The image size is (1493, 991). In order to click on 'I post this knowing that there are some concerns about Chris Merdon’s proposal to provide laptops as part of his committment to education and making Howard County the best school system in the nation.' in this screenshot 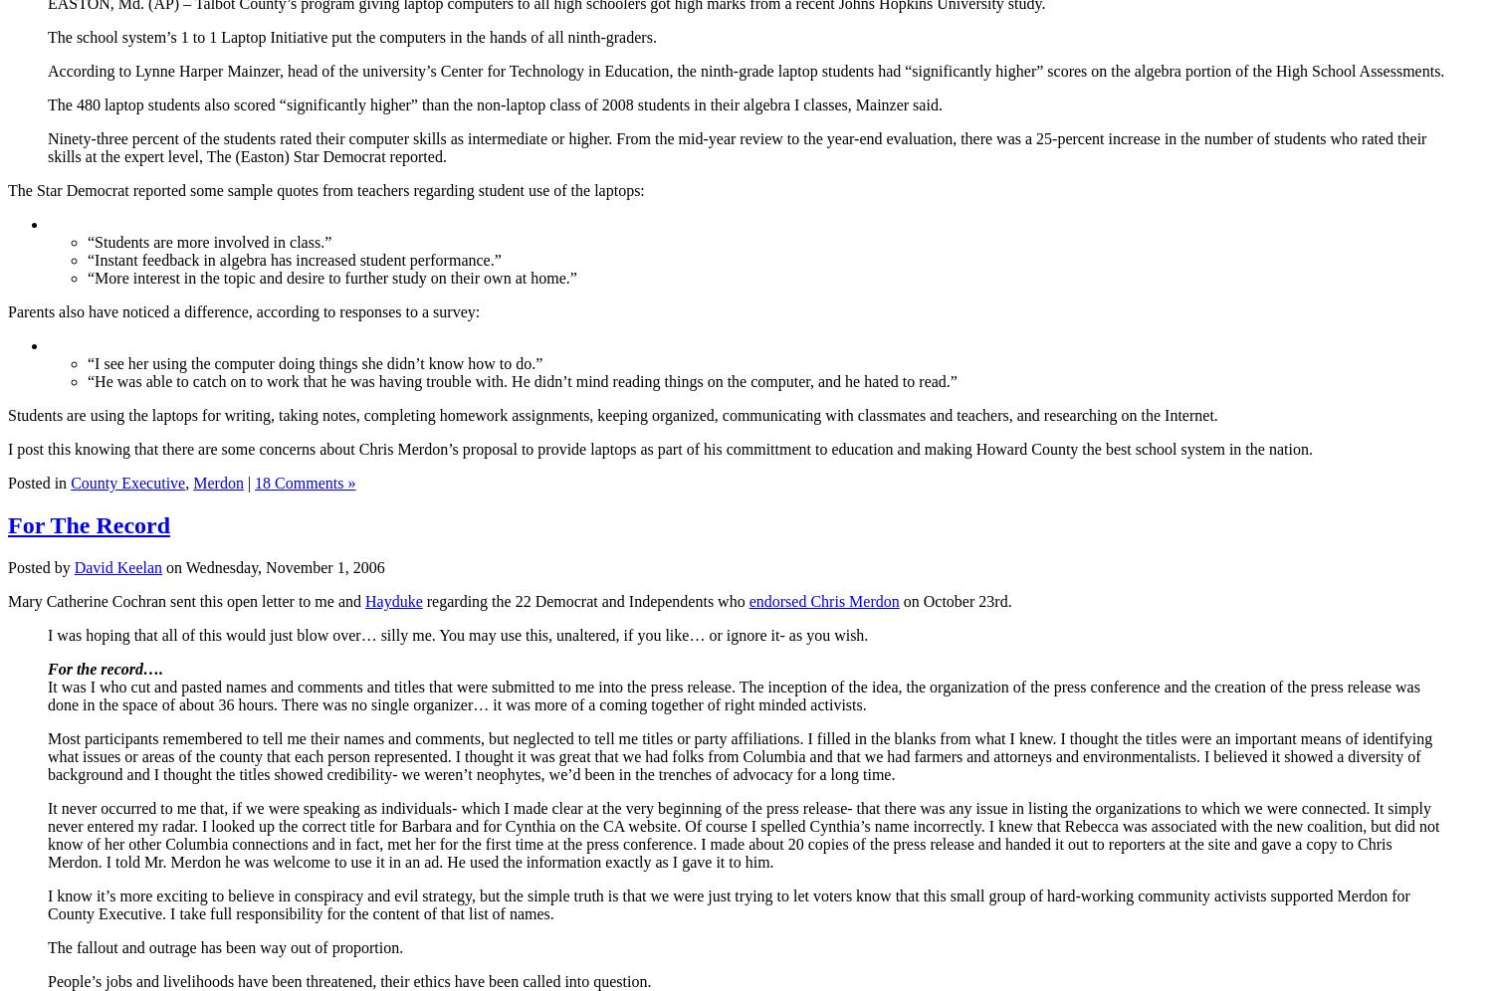, I will do `click(660, 448)`.